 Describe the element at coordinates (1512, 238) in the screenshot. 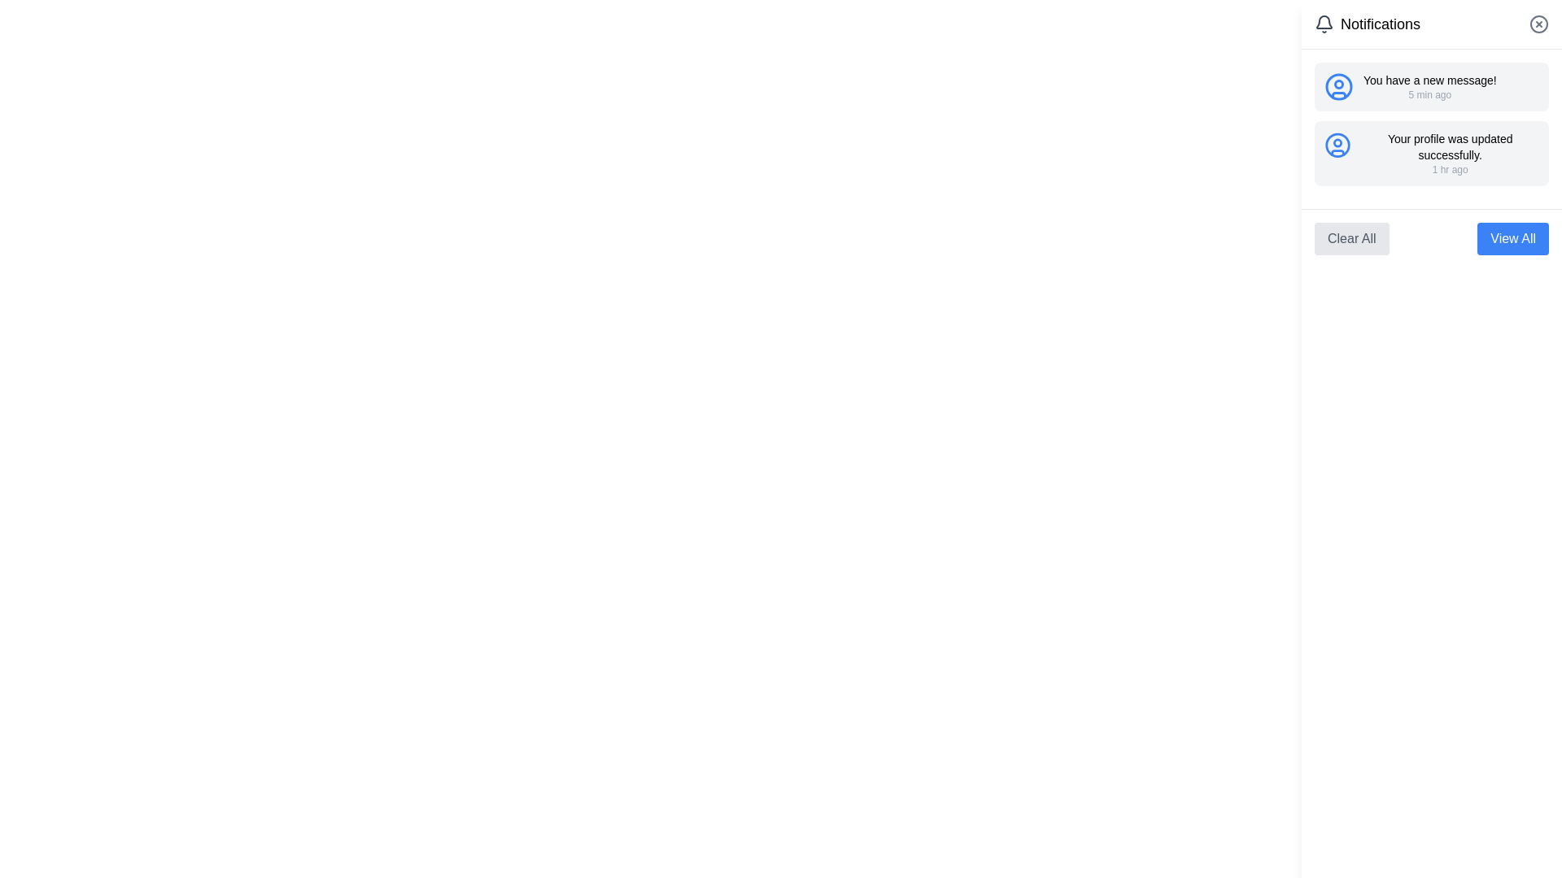

I see `the 'View All' button, which is a rectangular button with a blue background and white rounded corners, located at the bottom right of the panel` at that location.